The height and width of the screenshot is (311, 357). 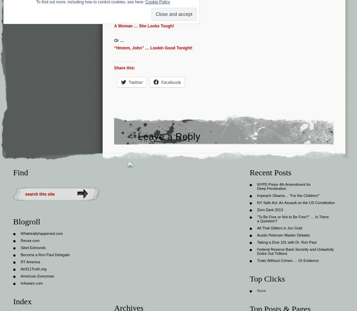 I want to click on 'NY Safe Act: An Assault on the US Constitution', so click(x=296, y=202).